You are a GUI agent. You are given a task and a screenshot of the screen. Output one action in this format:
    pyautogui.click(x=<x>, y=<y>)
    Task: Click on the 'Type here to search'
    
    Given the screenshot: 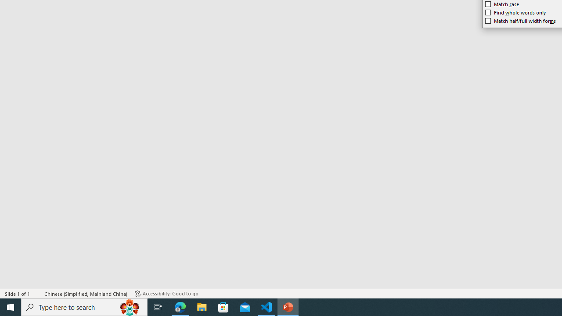 What is the action you would take?
    pyautogui.click(x=84, y=306)
    